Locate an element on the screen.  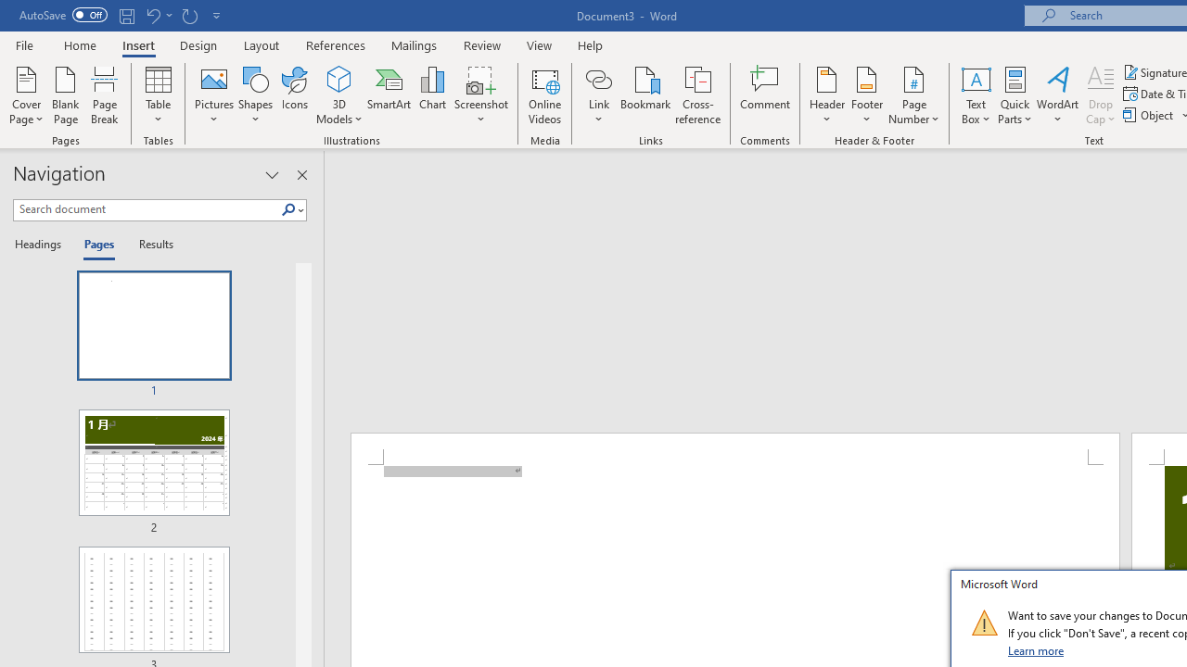
'Bookmark...' is located at coordinates (645, 95).